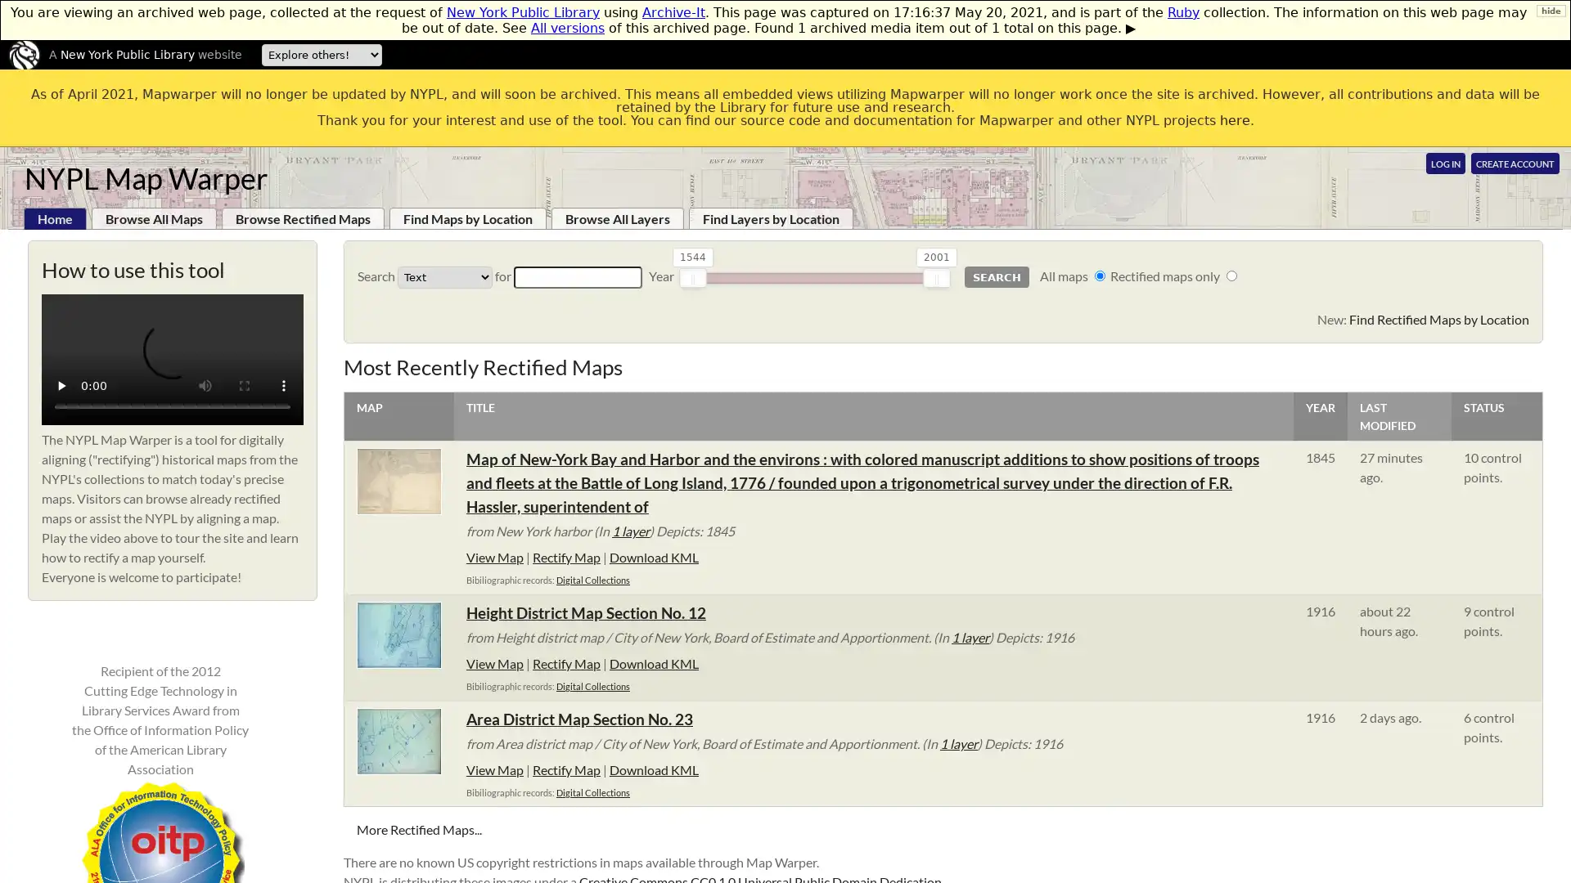 This screenshot has width=1571, height=883. I want to click on show more media controls, so click(283, 385).